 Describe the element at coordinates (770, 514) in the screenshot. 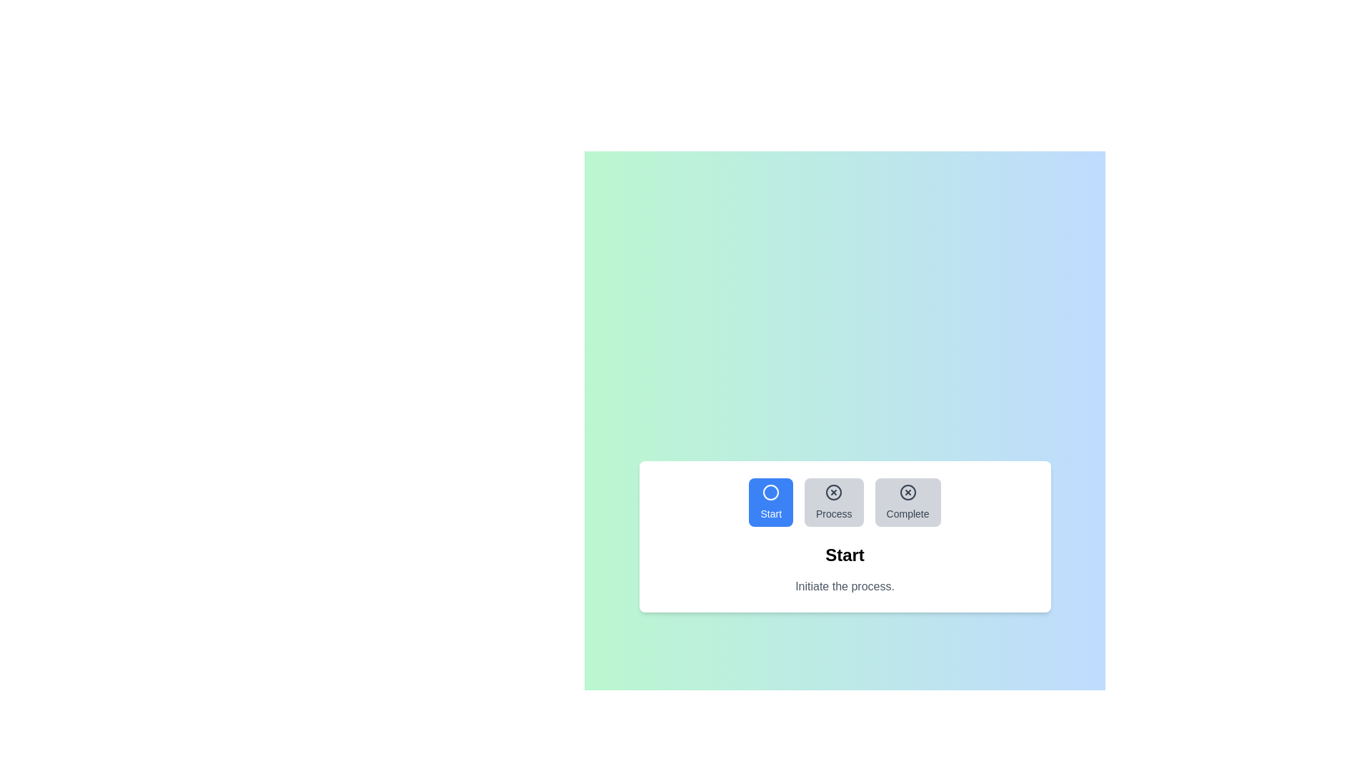

I see `the 'Start' text label which is centered at the bottom of the first blue button in a horizontal row of three buttons, indicating the initiation of a process` at that location.